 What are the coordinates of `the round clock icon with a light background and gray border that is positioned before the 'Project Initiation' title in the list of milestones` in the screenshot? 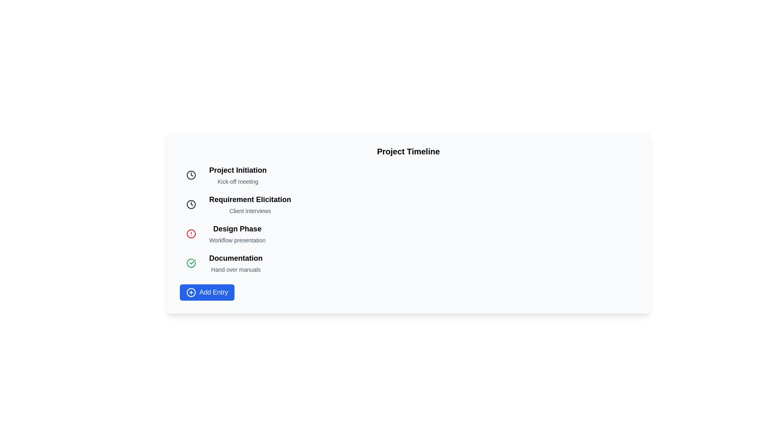 It's located at (191, 174).